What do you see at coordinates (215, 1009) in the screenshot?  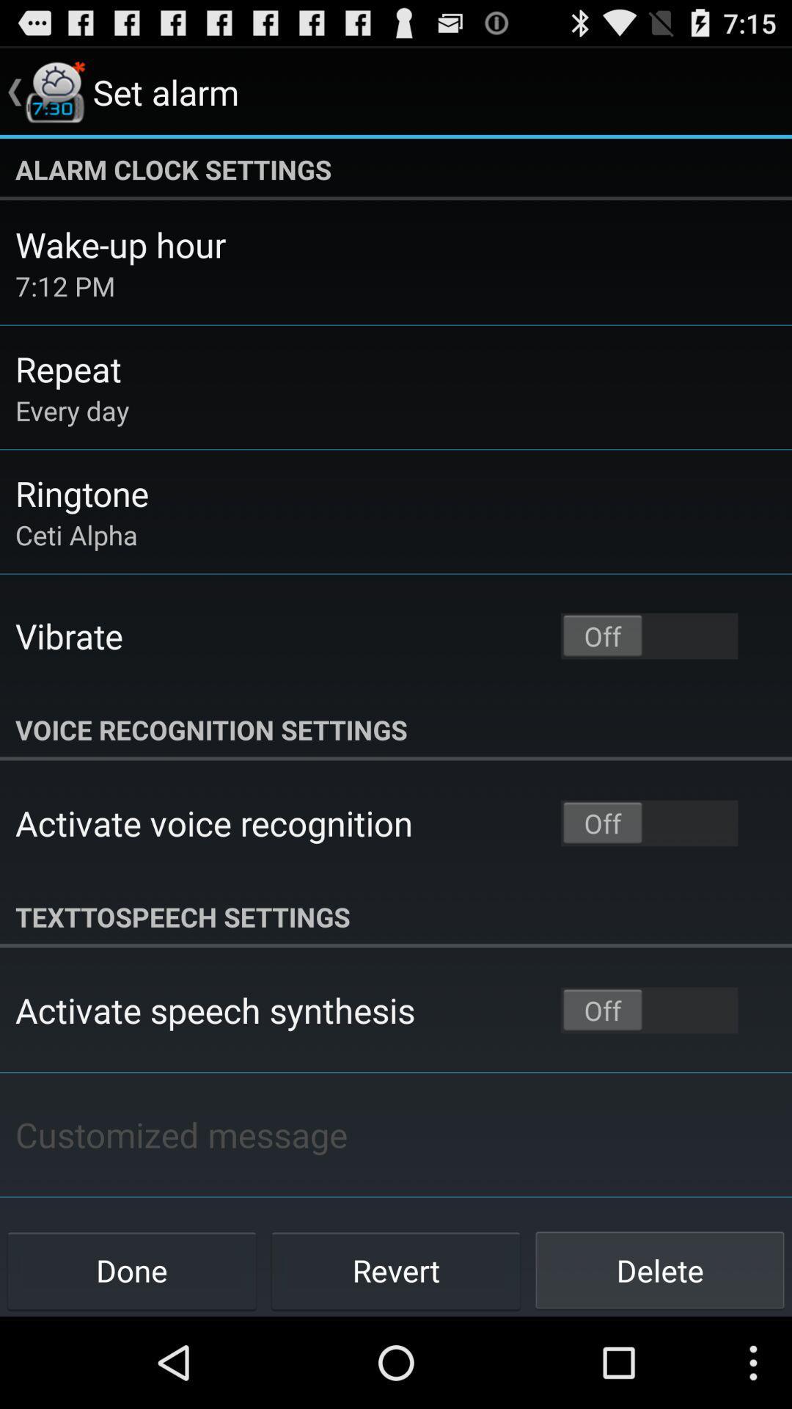 I see `icon below texttospeech settings icon` at bounding box center [215, 1009].